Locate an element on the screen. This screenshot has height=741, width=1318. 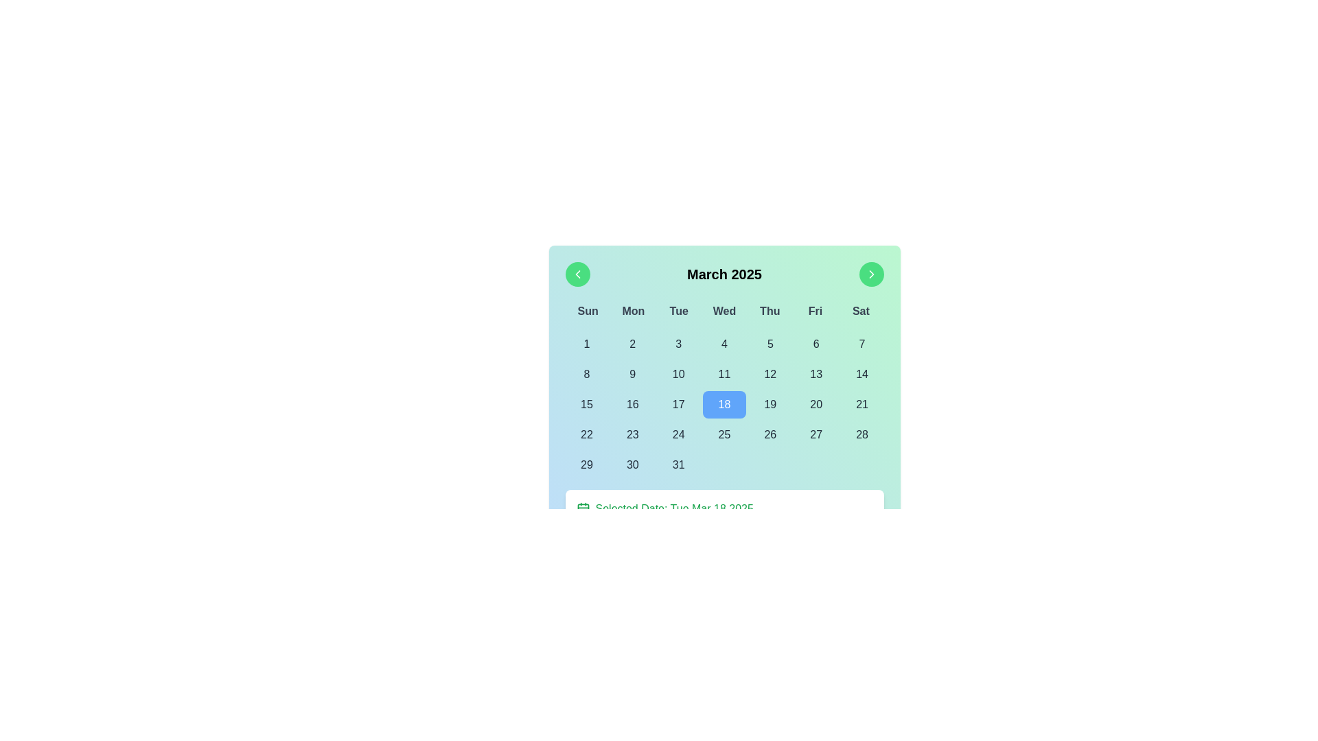
the Informative widget located below the March 2025 calendar interface, which displays details about the selected date, destination, itinerary start time, and participant count is located at coordinates (724, 544).